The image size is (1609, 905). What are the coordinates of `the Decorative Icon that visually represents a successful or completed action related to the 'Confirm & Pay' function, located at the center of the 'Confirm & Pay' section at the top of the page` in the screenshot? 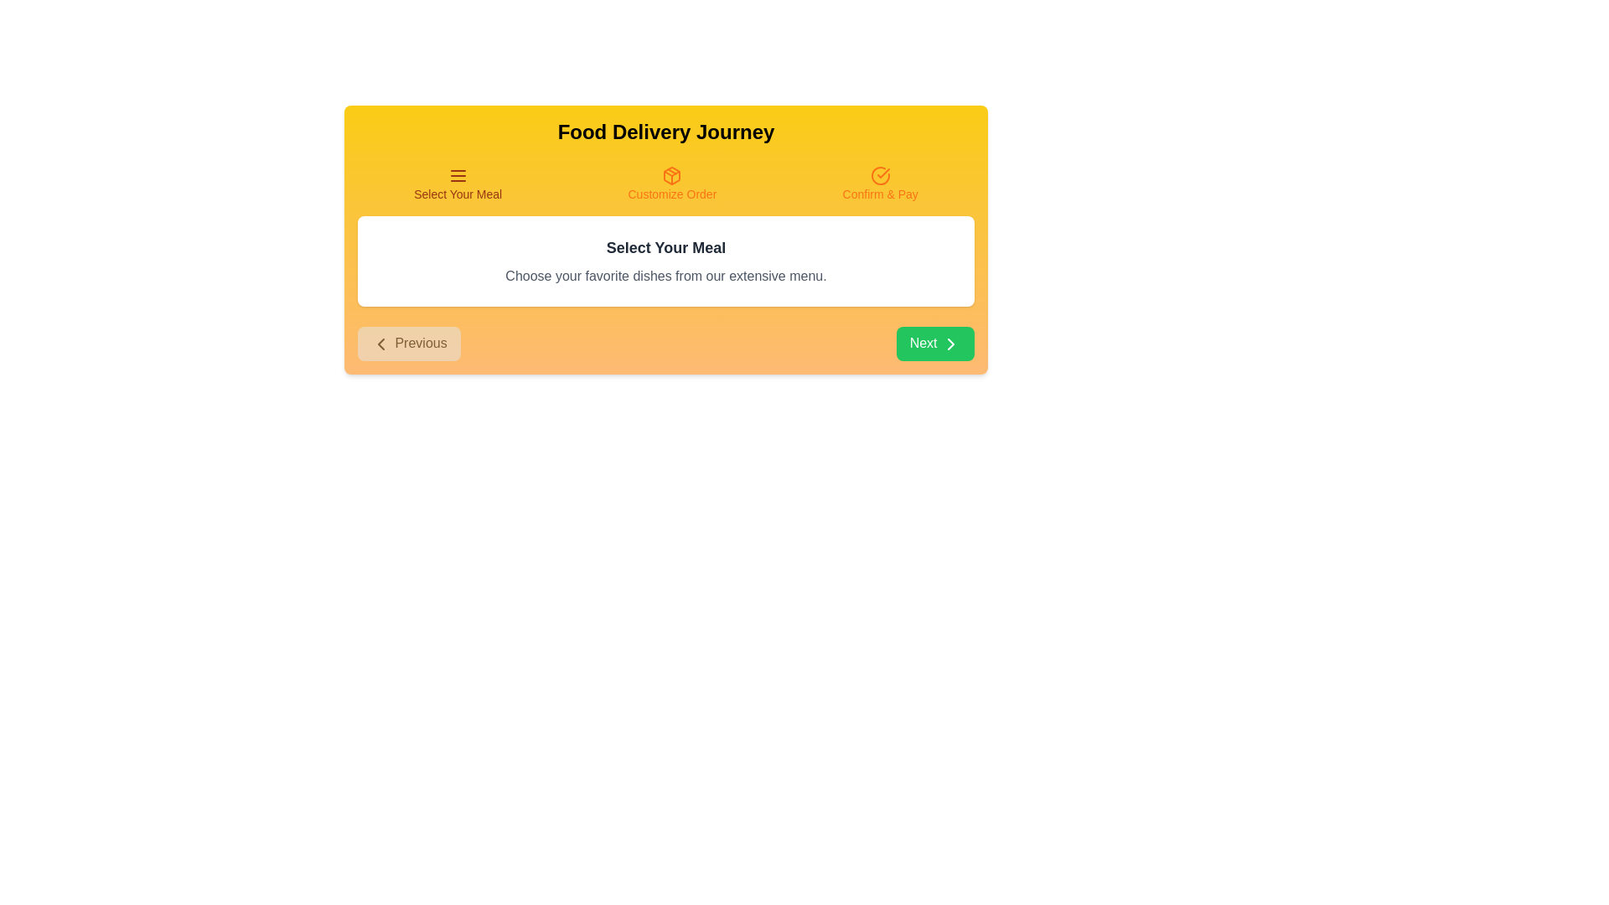 It's located at (882, 173).